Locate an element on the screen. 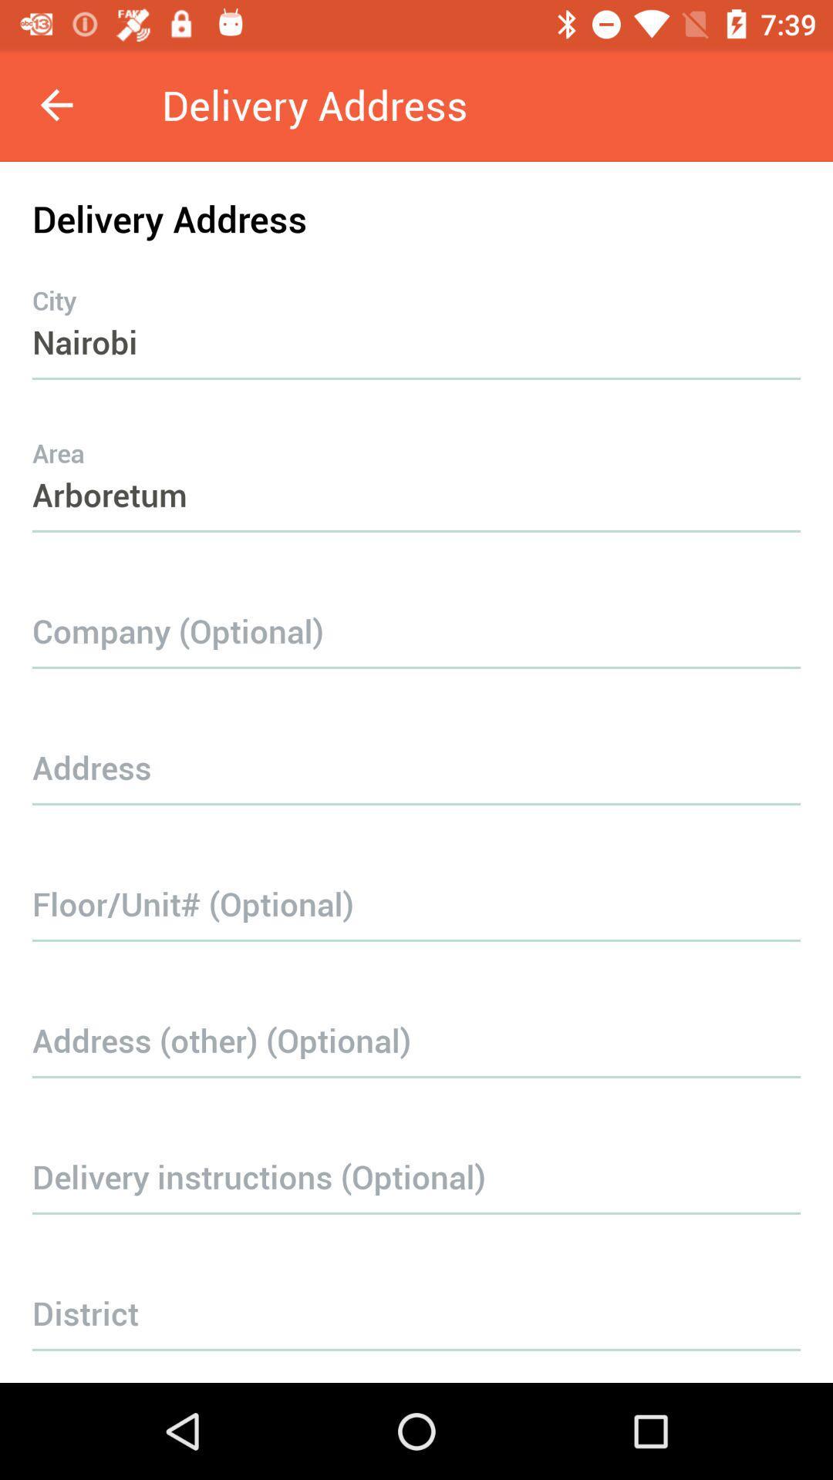 This screenshot has height=1480, width=833. item below the nairobi item is located at coordinates (416, 463).